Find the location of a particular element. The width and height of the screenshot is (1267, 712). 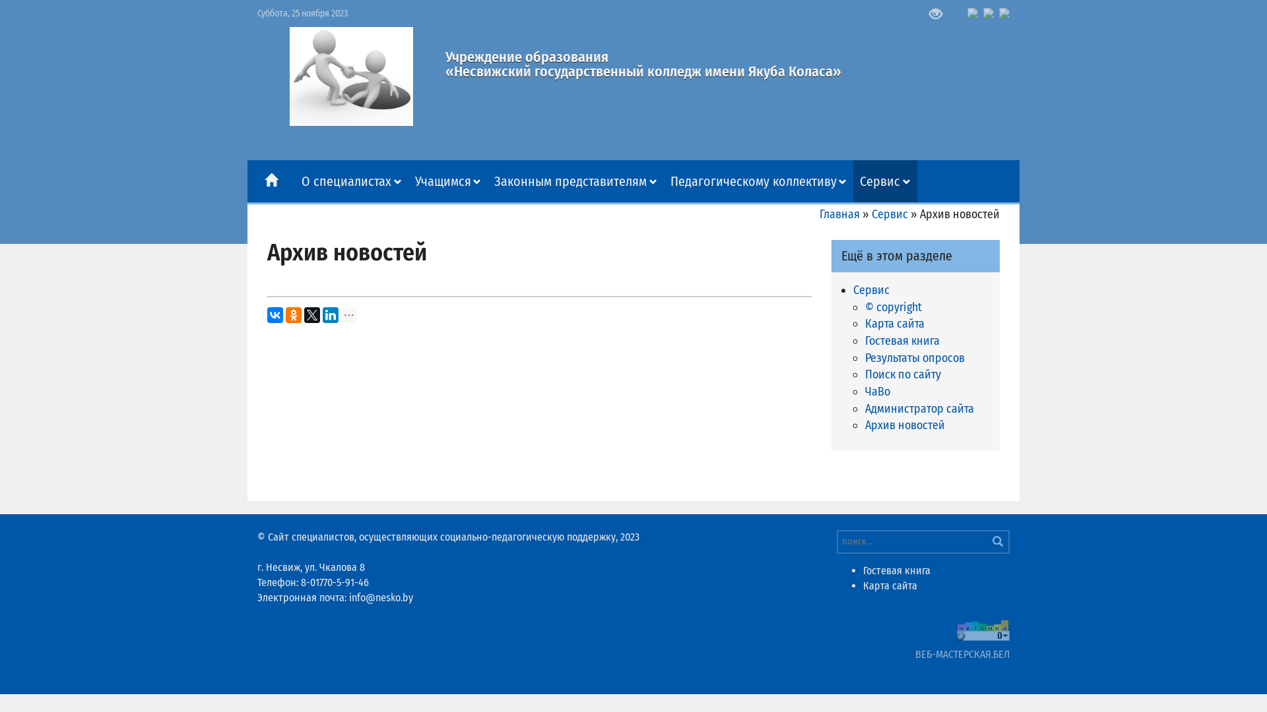

'Twitter' is located at coordinates (311, 315).